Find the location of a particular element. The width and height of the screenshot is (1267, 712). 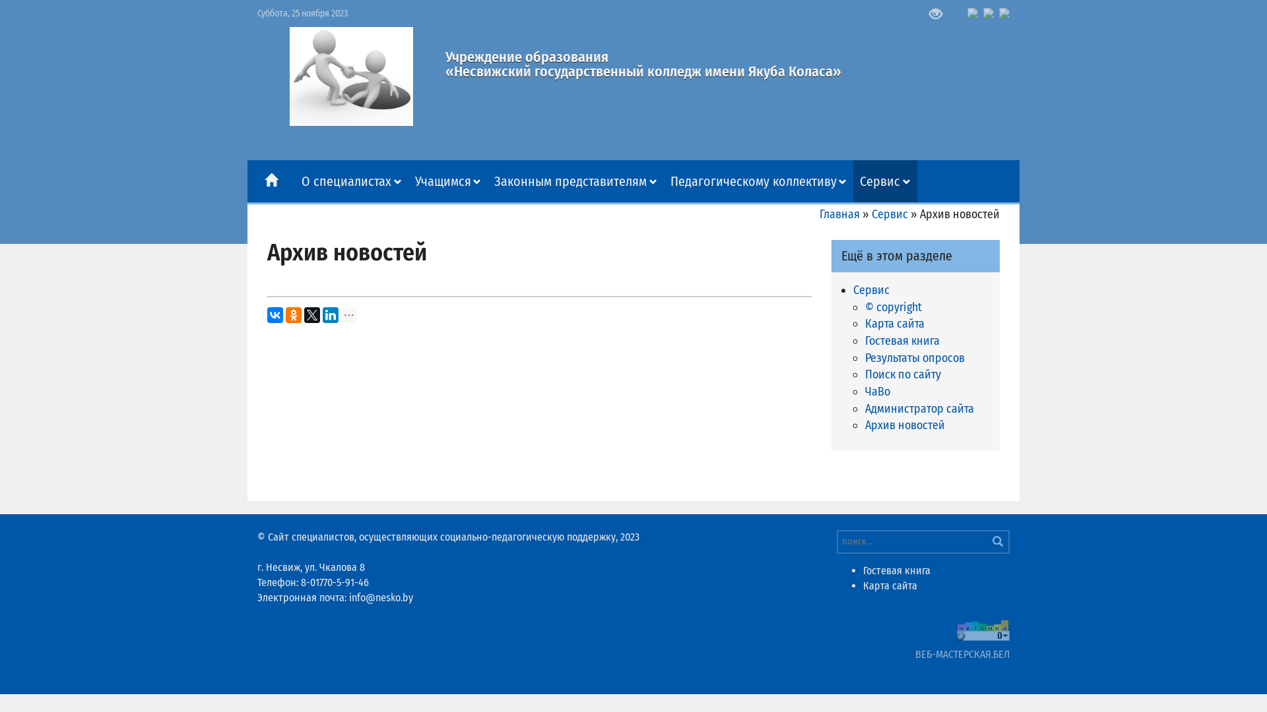

'Twitter' is located at coordinates (311, 315).